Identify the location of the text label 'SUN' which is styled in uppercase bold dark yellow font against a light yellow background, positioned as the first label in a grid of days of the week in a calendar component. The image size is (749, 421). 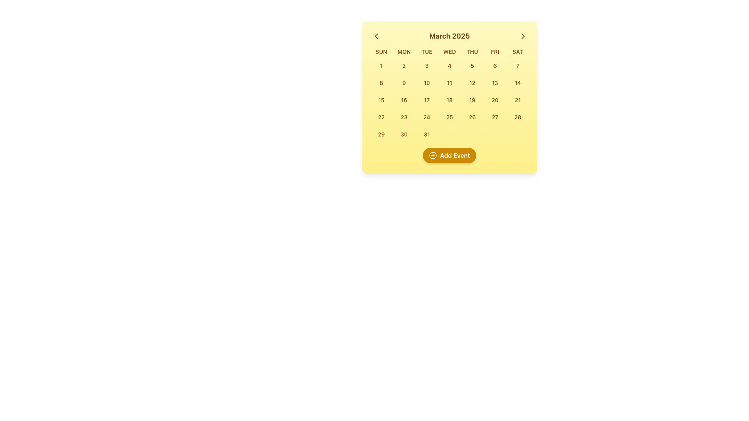
(381, 51).